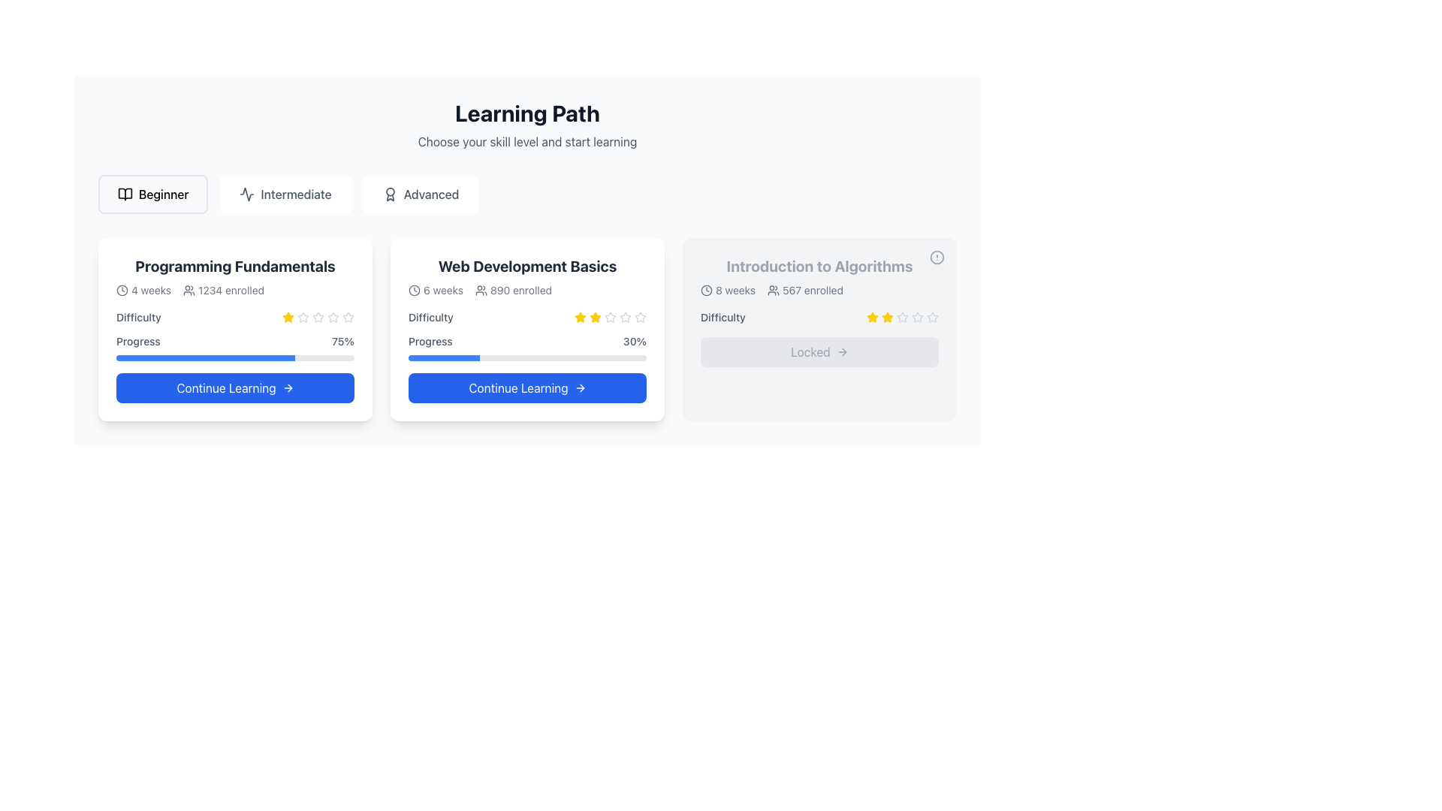 The height and width of the screenshot is (811, 1442). Describe the element at coordinates (641, 316) in the screenshot. I see `the second star in the rating system for the 'Web Development Basics' course, which visually indicates a partially filled or empty state` at that location.